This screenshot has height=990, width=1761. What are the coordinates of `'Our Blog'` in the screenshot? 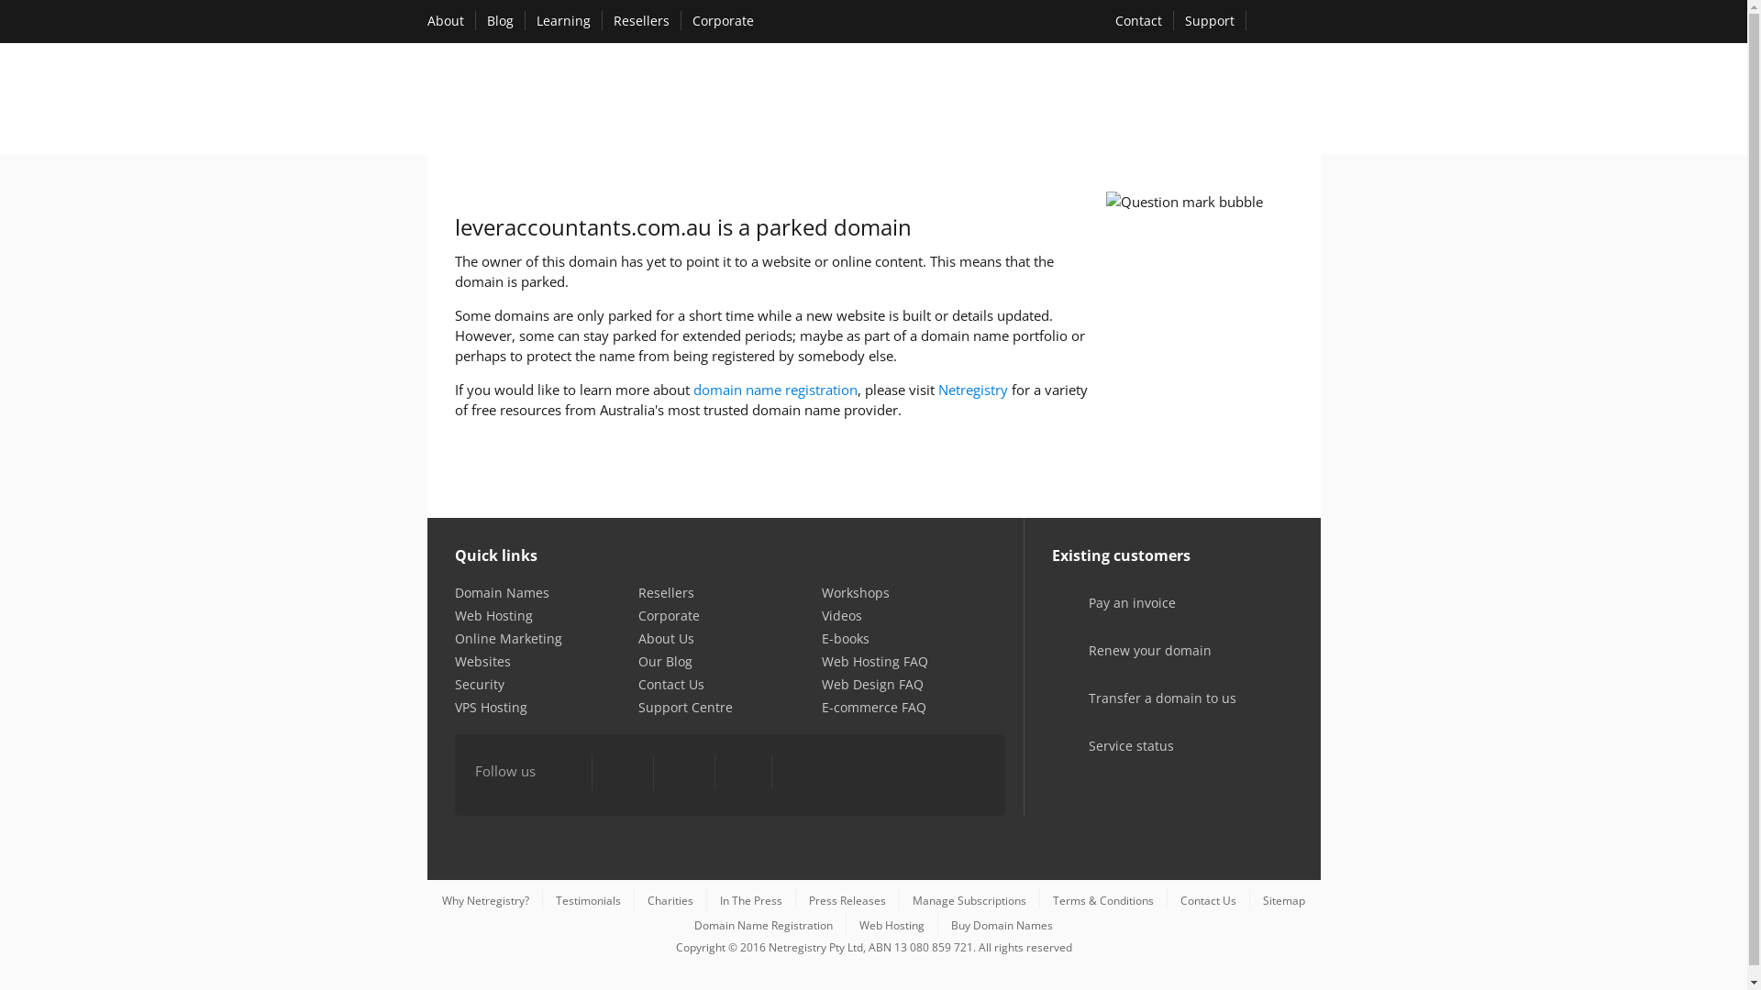 It's located at (638, 661).